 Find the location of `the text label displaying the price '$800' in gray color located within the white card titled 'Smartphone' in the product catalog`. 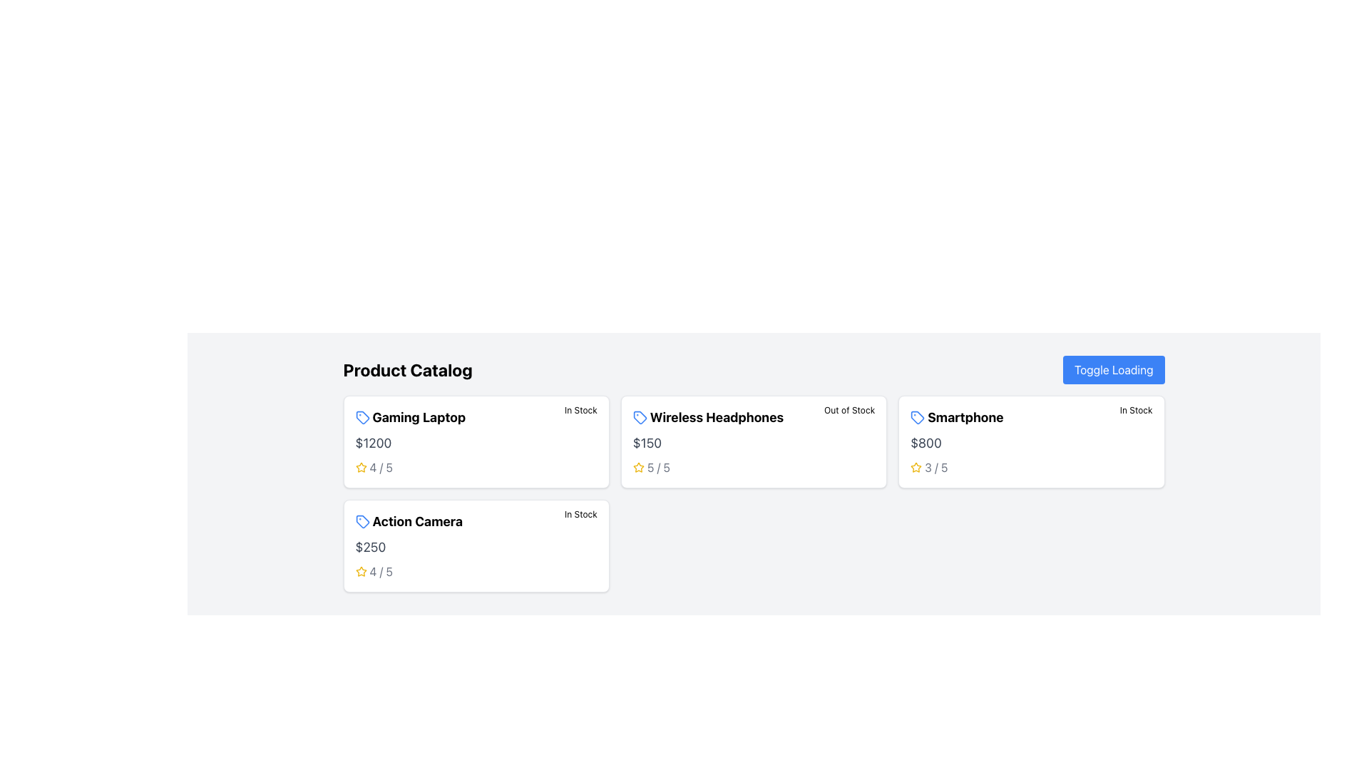

the text label displaying the price '$800' in gray color located within the white card titled 'Smartphone' in the product catalog is located at coordinates (926, 442).